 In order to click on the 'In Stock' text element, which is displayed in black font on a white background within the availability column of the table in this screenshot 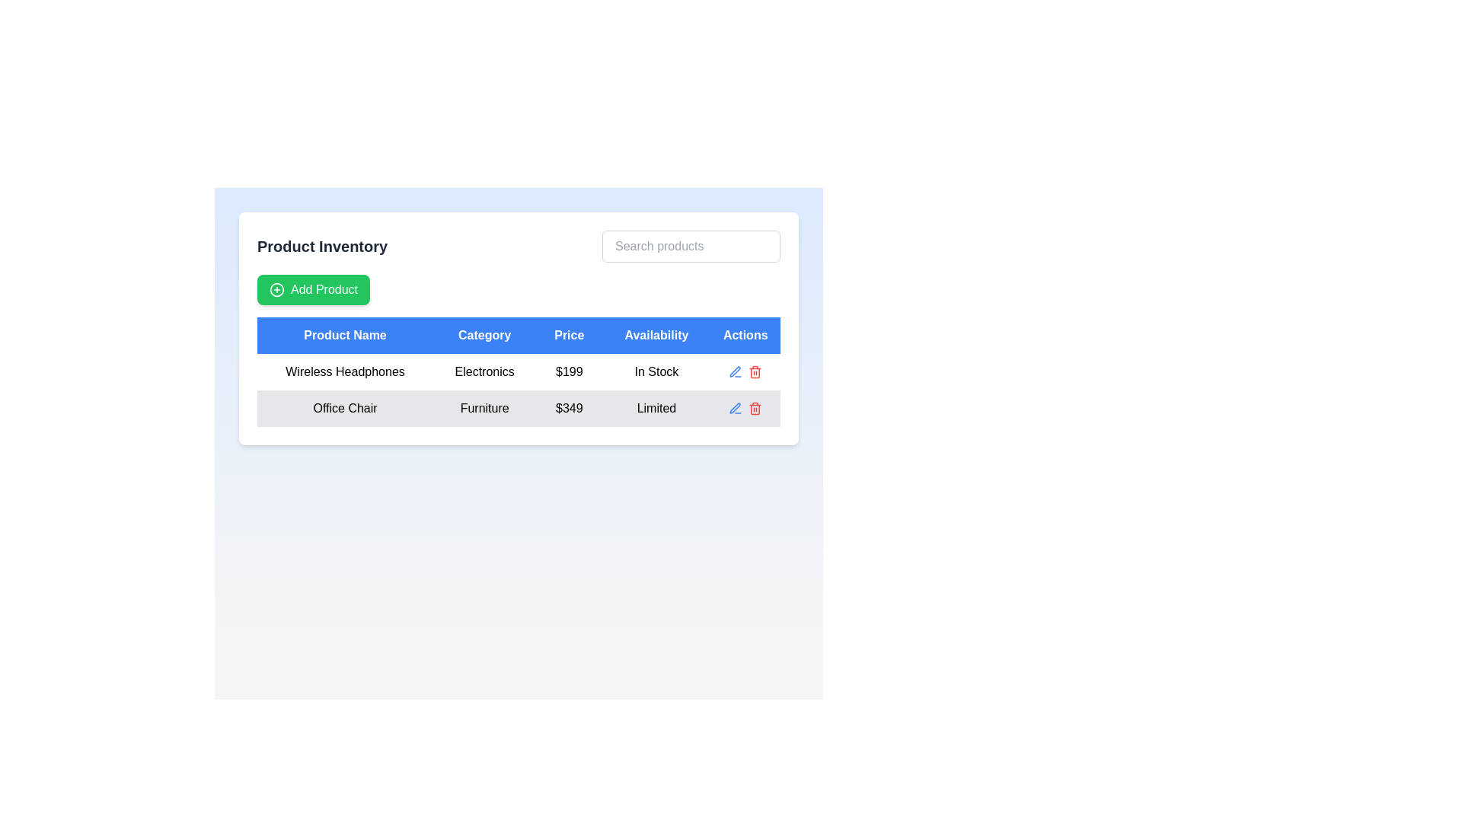, I will do `click(656, 372)`.